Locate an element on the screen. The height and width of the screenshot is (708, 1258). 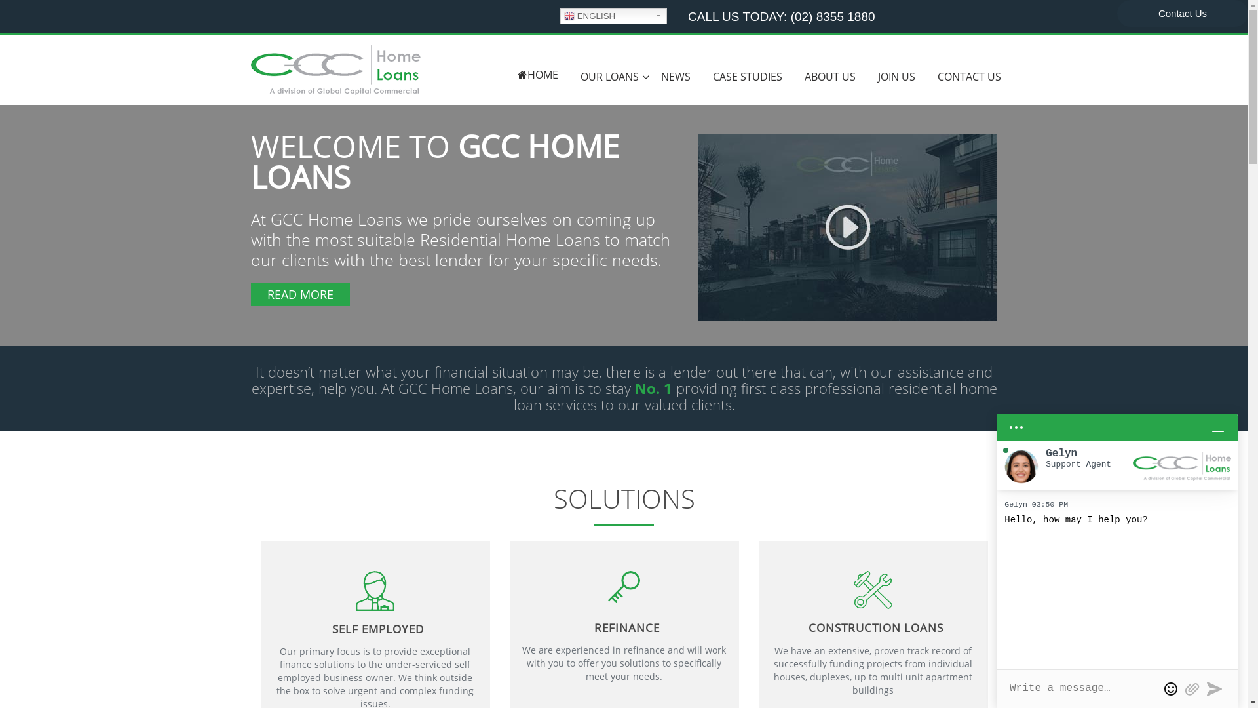
'CONTACT US' is located at coordinates (969, 77).